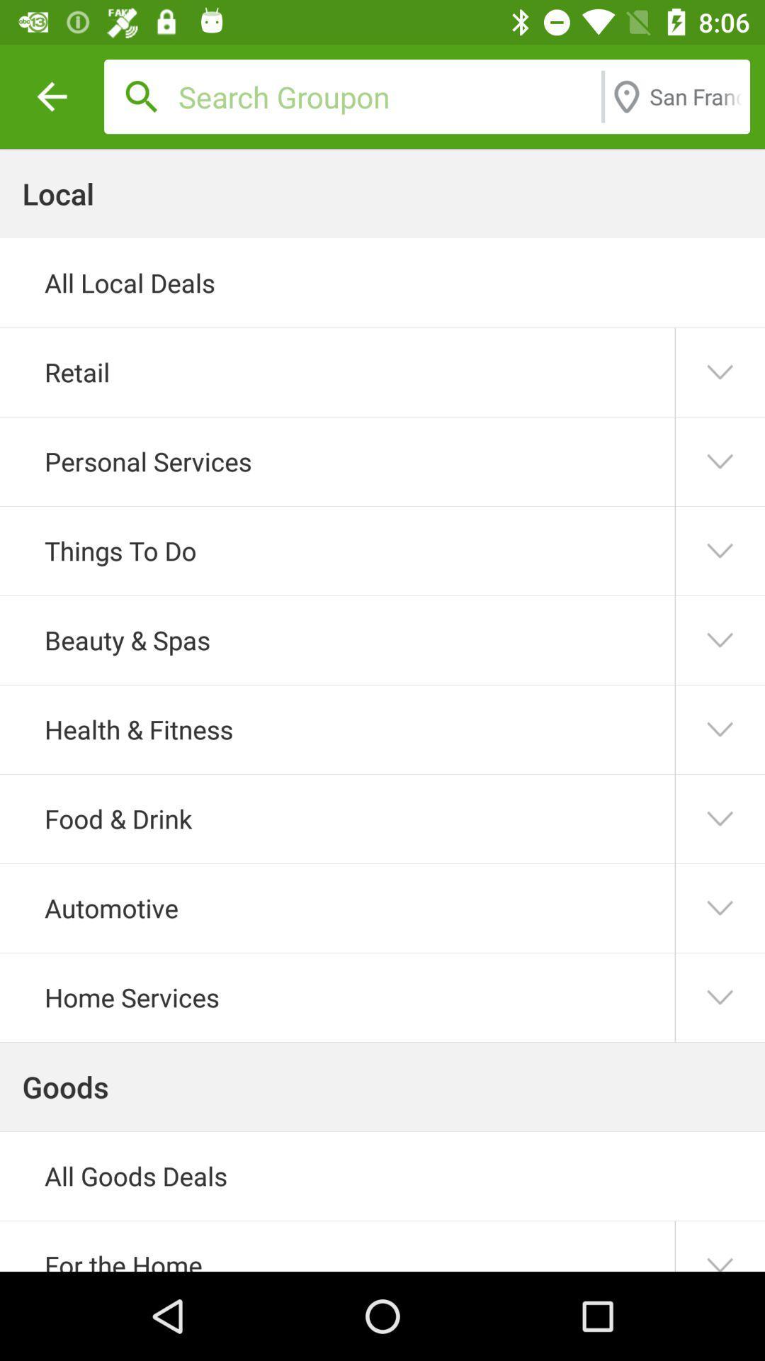 The image size is (765, 1361). Describe the element at coordinates (695, 96) in the screenshot. I see `the san francisco, ca icon` at that location.